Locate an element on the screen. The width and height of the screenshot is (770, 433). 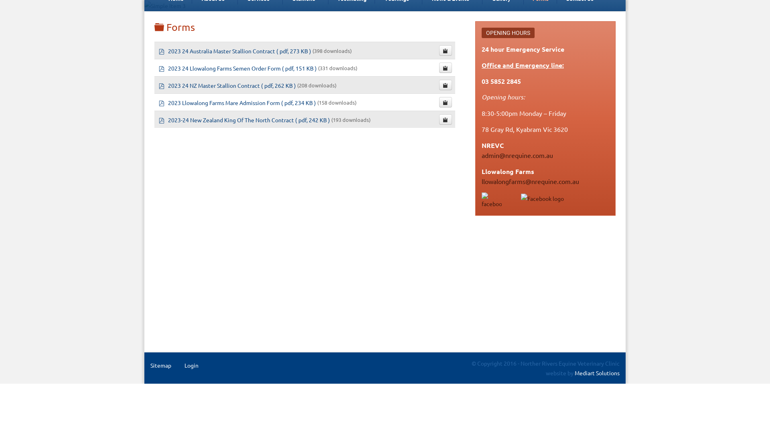
'admin@nrequine.com.au' is located at coordinates (517, 155).